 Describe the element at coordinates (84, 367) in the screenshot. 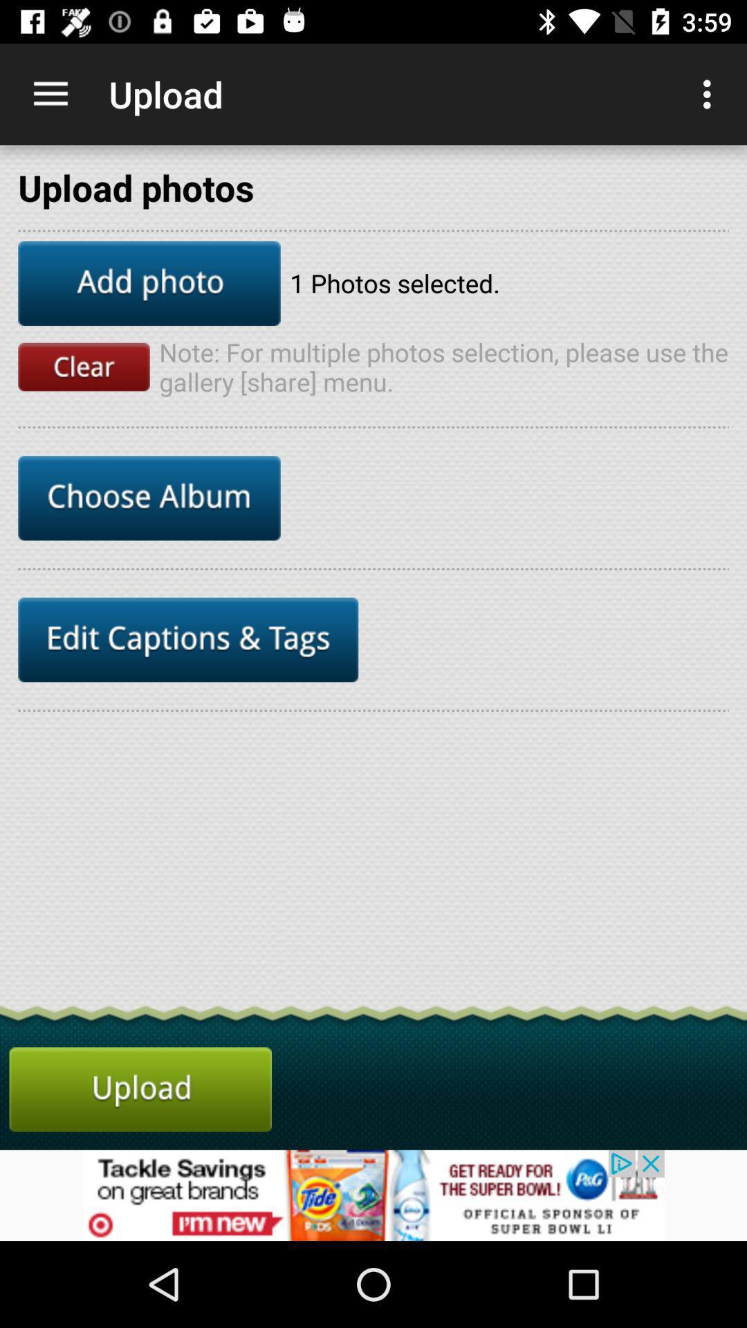

I see `clear selection` at that location.